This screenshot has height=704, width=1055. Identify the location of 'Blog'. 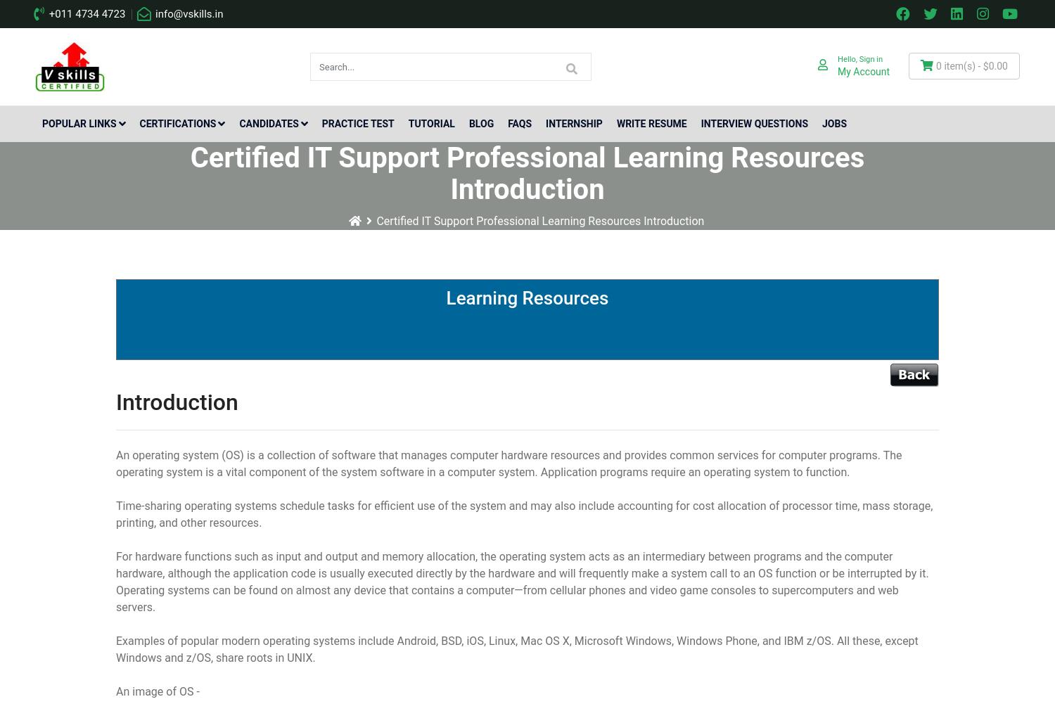
(481, 123).